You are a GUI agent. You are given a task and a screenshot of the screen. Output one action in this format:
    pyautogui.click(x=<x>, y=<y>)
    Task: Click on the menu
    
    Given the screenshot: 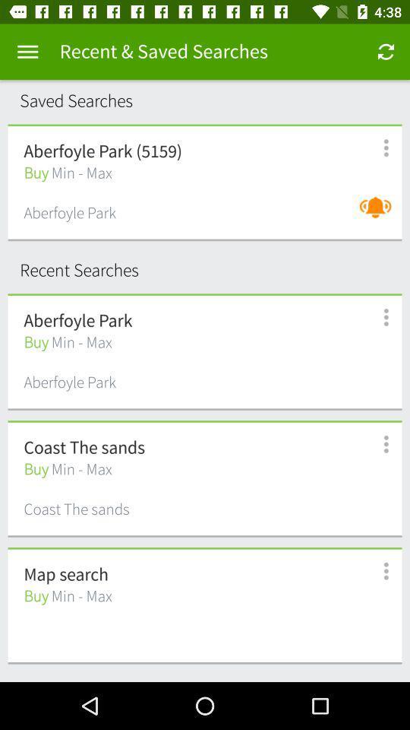 What is the action you would take?
    pyautogui.click(x=27, y=52)
    